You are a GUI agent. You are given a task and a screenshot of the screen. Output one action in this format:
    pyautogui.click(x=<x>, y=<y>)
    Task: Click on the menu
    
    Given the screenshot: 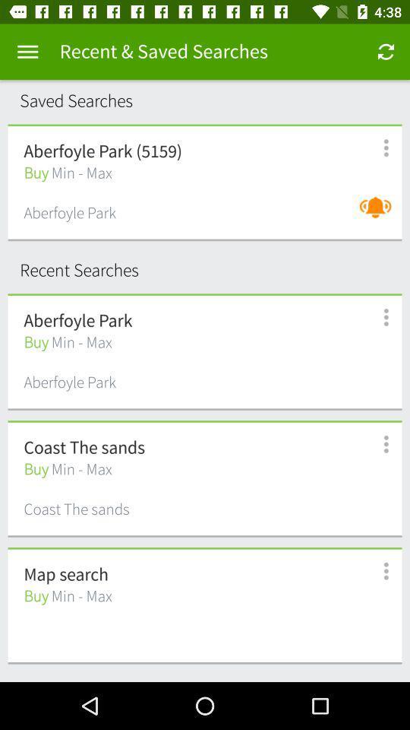 What is the action you would take?
    pyautogui.click(x=27, y=52)
    